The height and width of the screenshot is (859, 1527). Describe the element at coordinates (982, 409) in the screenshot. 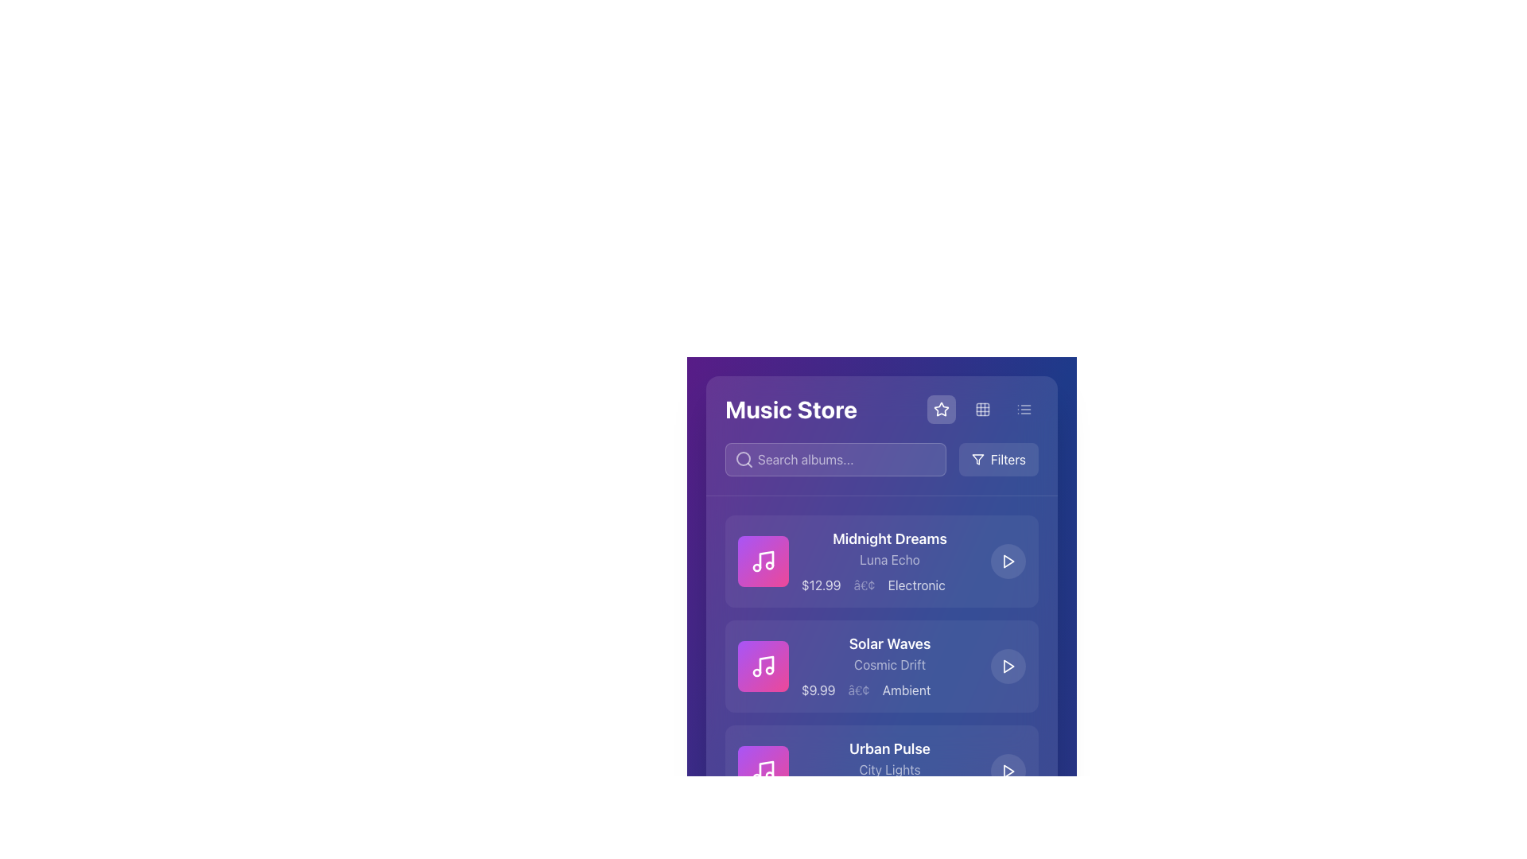

I see `the toggle button located in the top right corner of the interface` at that location.